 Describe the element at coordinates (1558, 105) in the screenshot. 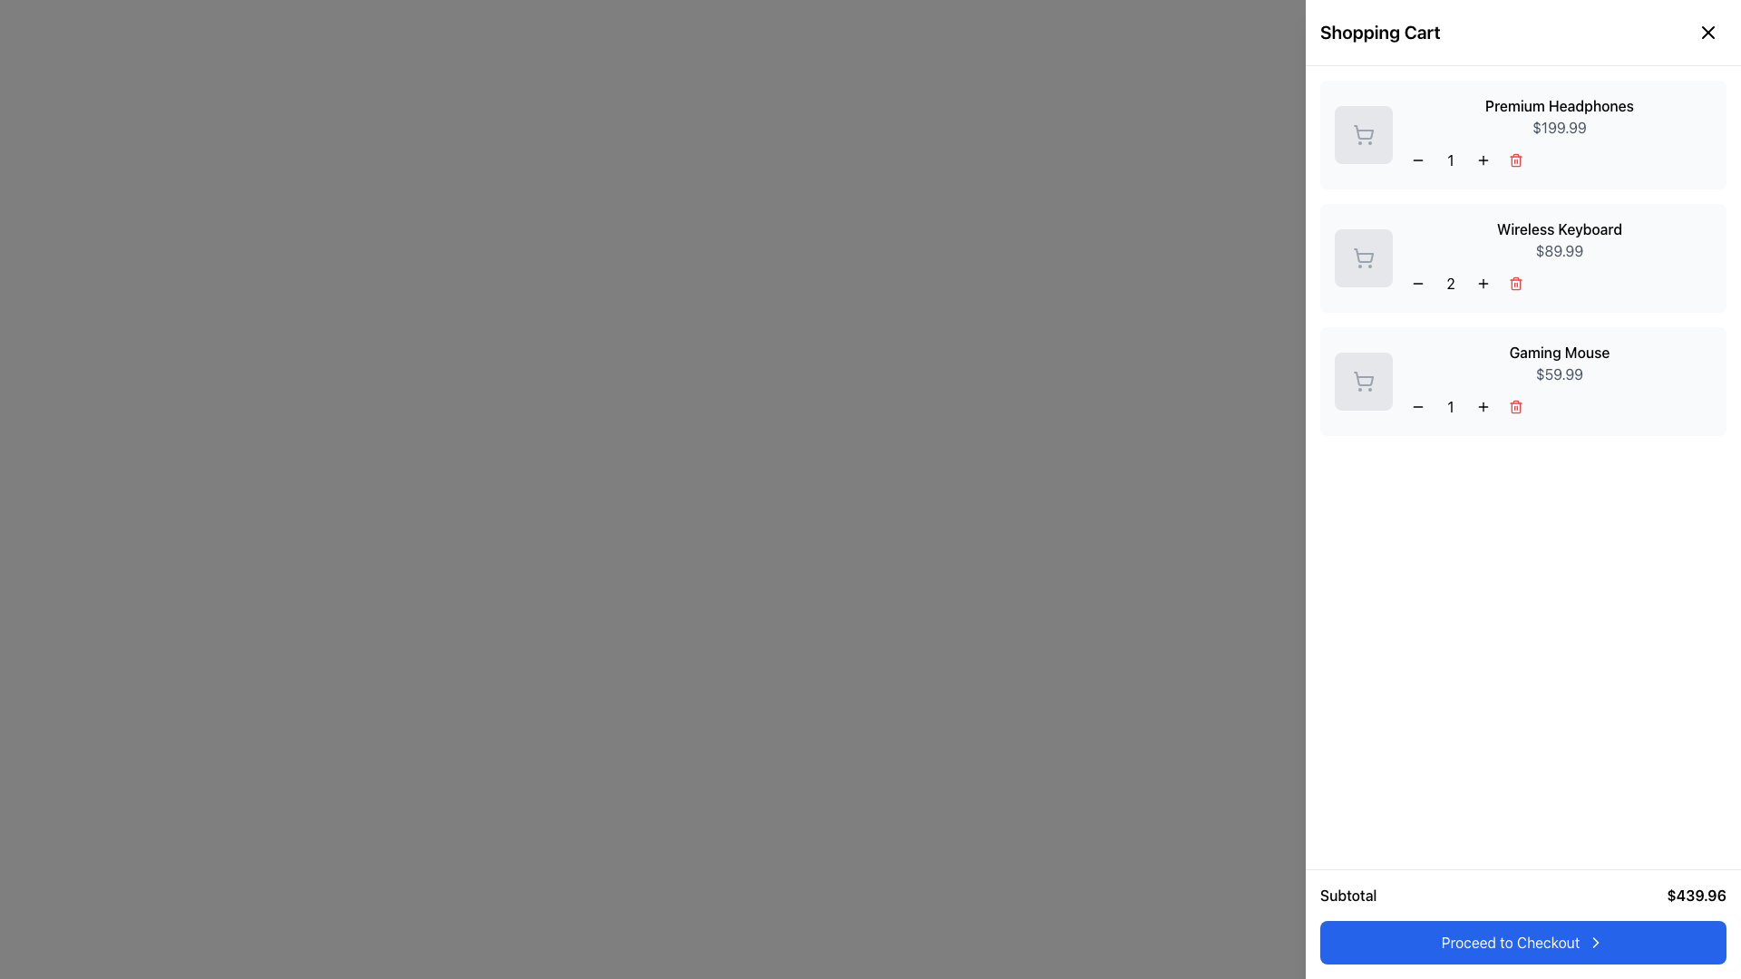

I see `the text label that identifies the associated product in the shopping cart interface, located near the top right side, above the '$199.99' label` at that location.